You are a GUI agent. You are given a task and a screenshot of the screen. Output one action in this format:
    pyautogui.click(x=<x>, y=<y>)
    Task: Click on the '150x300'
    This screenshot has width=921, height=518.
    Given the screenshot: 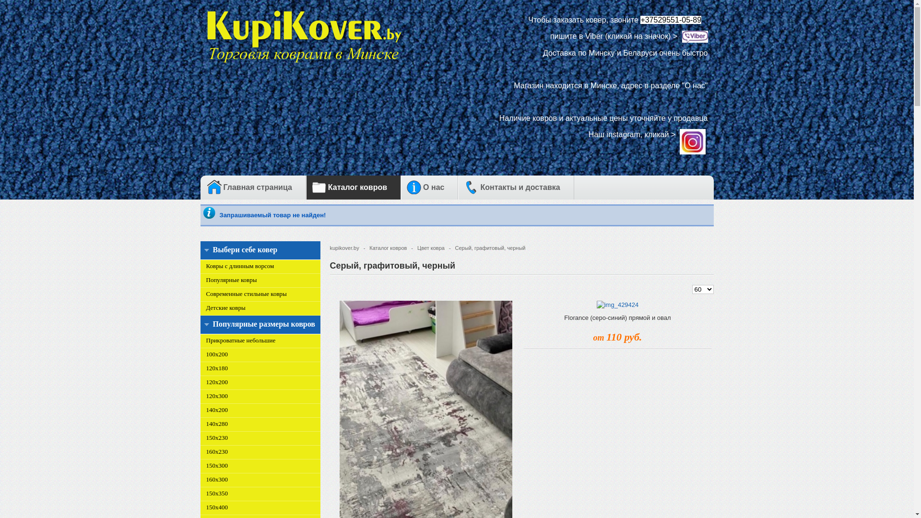 What is the action you would take?
    pyautogui.click(x=216, y=464)
    